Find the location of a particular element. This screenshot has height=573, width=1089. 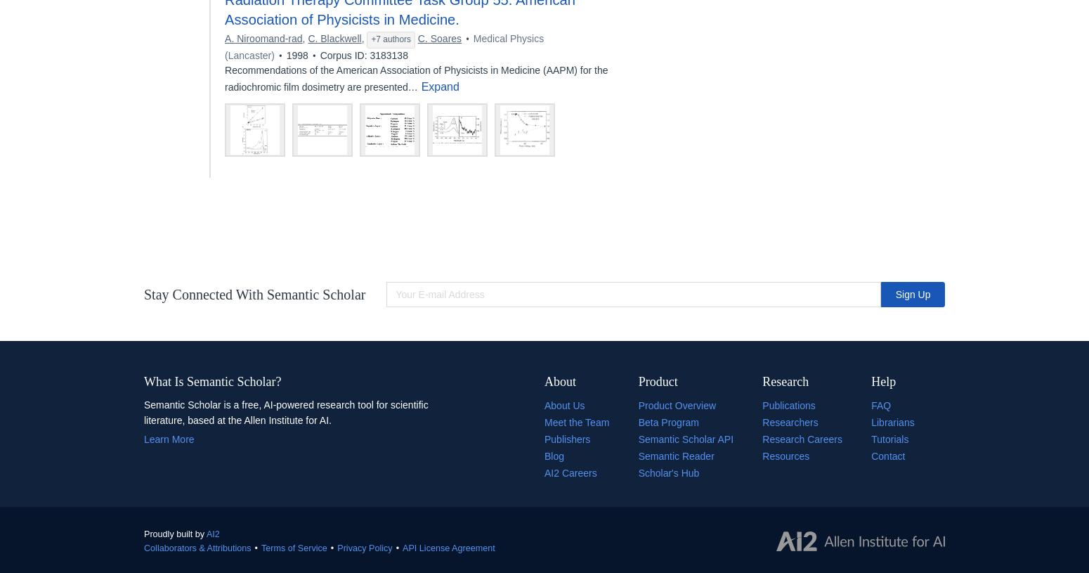

'API License Agreement' is located at coordinates (448, 547).